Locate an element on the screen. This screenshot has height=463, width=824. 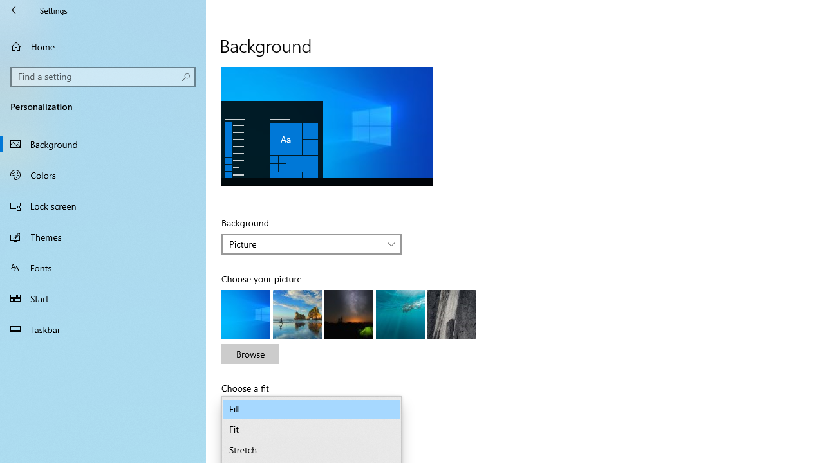
'Fit' is located at coordinates (312, 430).